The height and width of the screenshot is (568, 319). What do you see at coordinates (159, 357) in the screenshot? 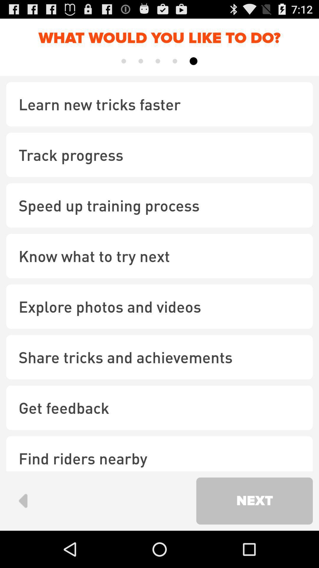
I see `the checkbox above the get feedback checkbox` at bounding box center [159, 357].